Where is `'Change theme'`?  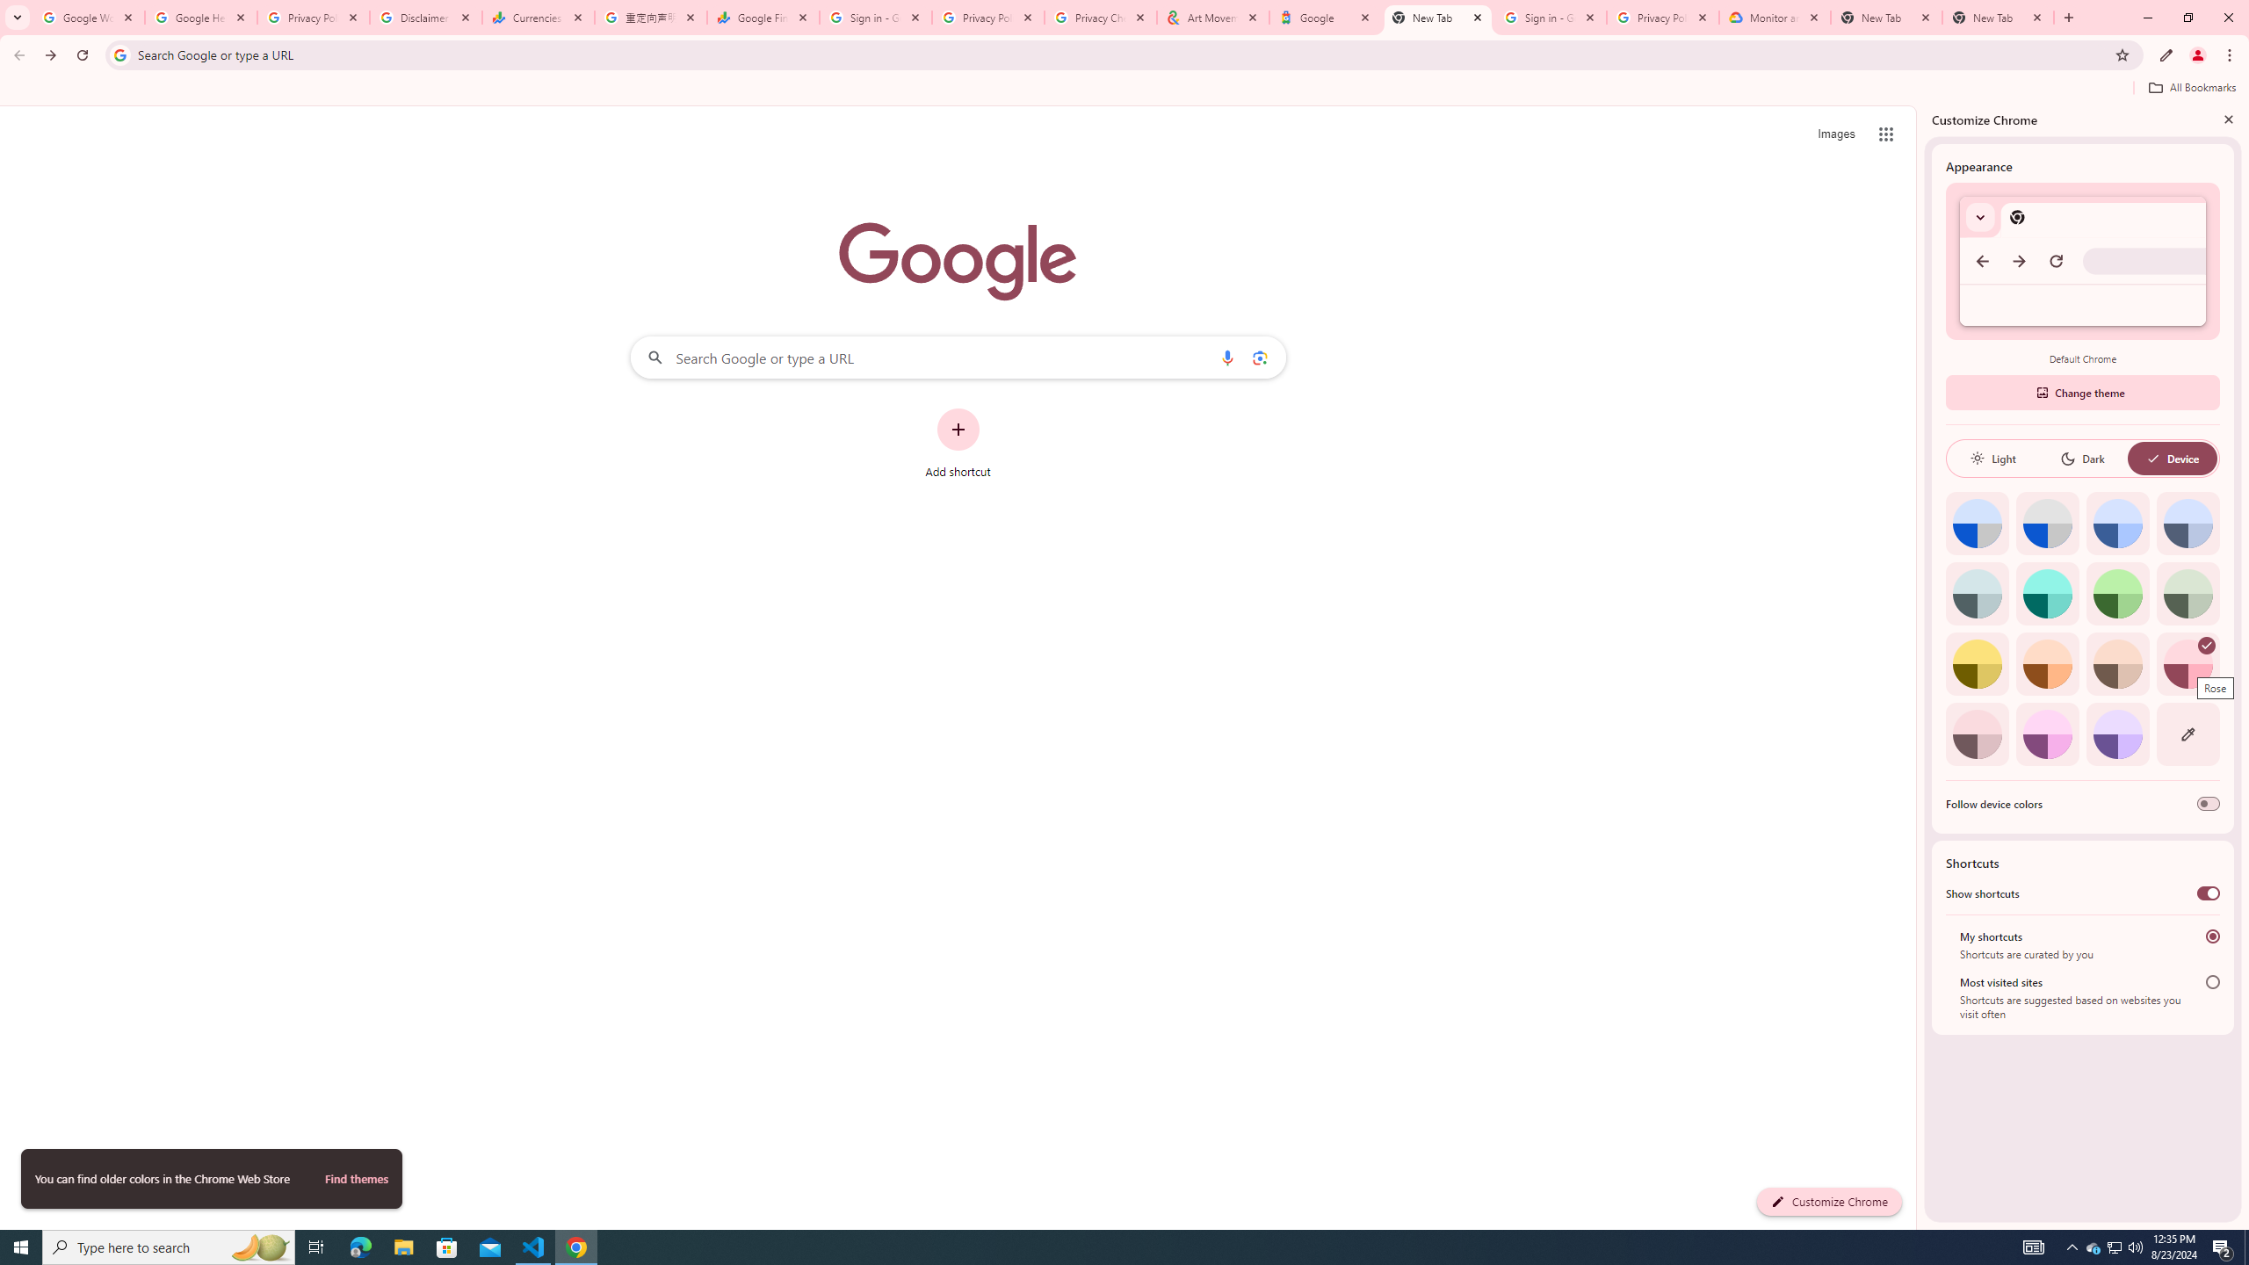 'Change theme' is located at coordinates (2081, 393).